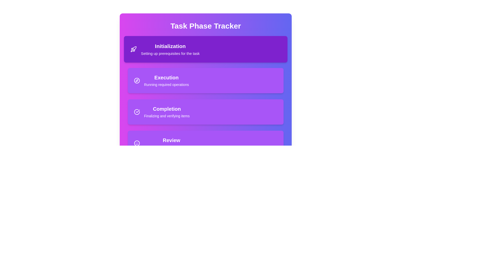  What do you see at coordinates (170, 46) in the screenshot?
I see `the text label displaying 'Initialization'` at bounding box center [170, 46].